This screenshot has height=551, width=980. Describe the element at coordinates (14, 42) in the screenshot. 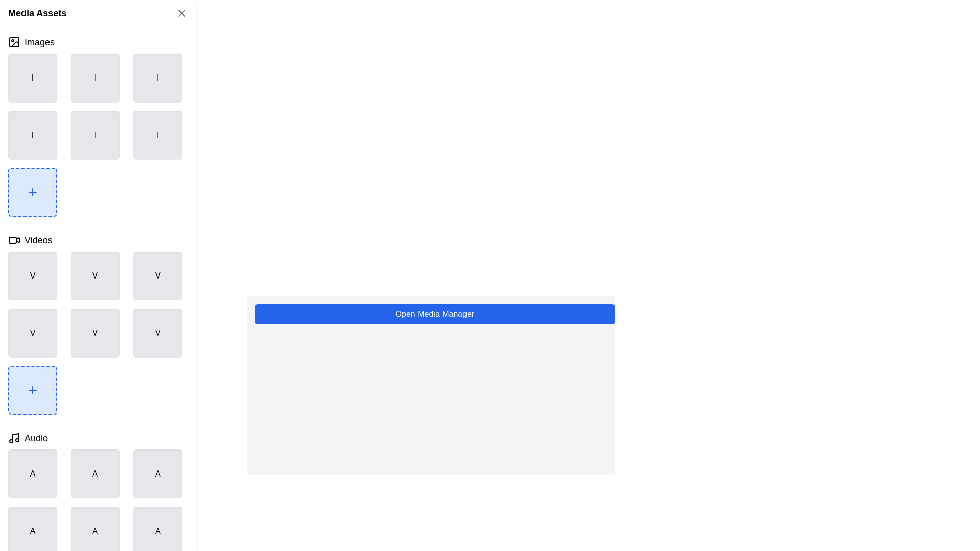

I see `the icon that visually identifies the 'Images' section, located immediately to the left of the label 'Images' in the 'Media Assets' section` at that location.